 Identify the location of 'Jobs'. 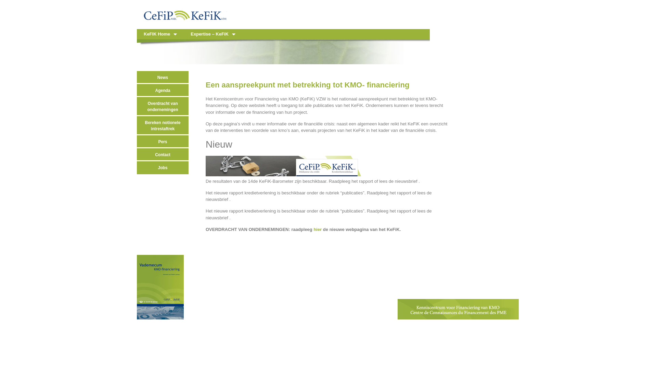
(162, 167).